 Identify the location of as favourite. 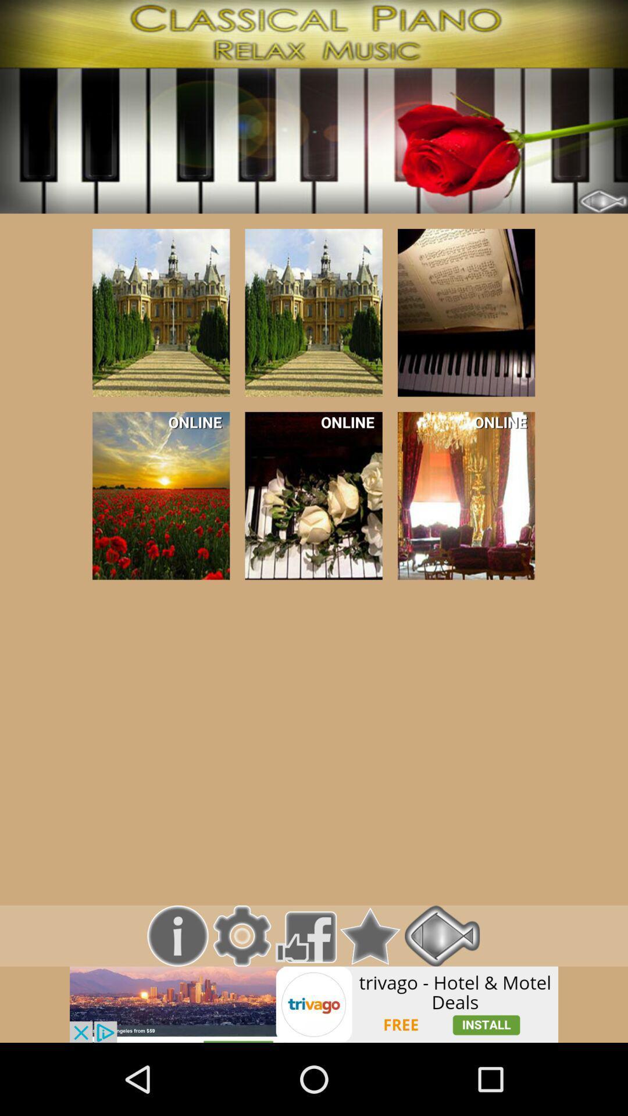
(370, 936).